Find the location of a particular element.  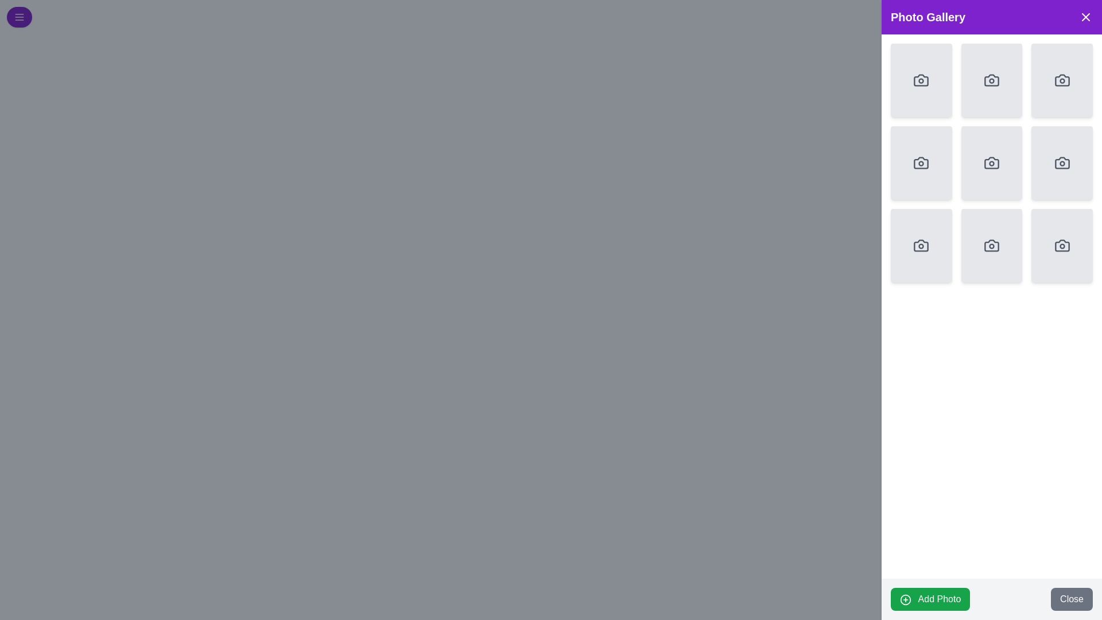

the camera icon in the bottom-right cell of the 3x3 grid within the 'Photo Gallery' section is located at coordinates (1061, 245).